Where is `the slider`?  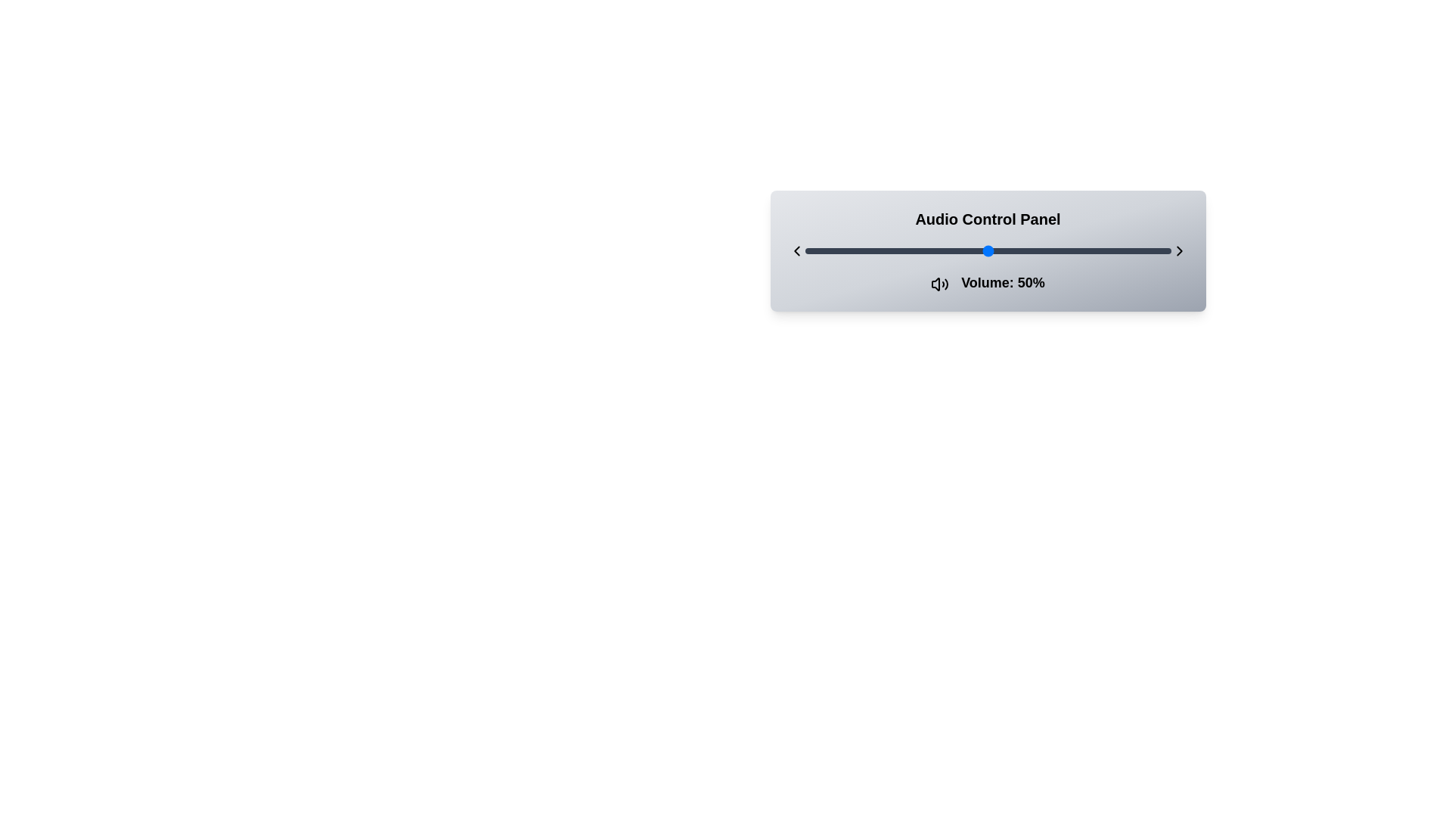
the slider is located at coordinates (1101, 250).